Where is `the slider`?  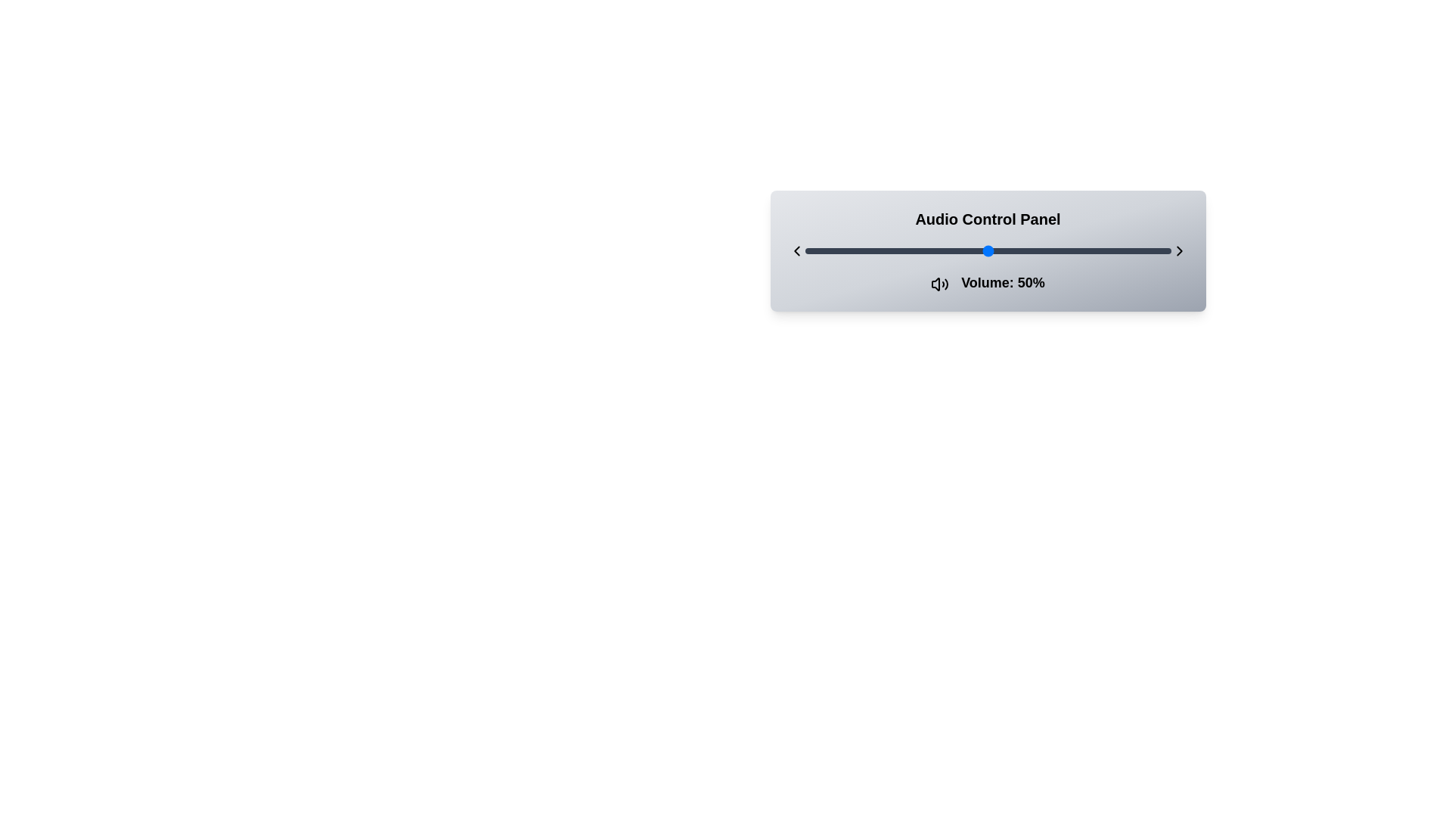
the slider is located at coordinates (1101, 250).